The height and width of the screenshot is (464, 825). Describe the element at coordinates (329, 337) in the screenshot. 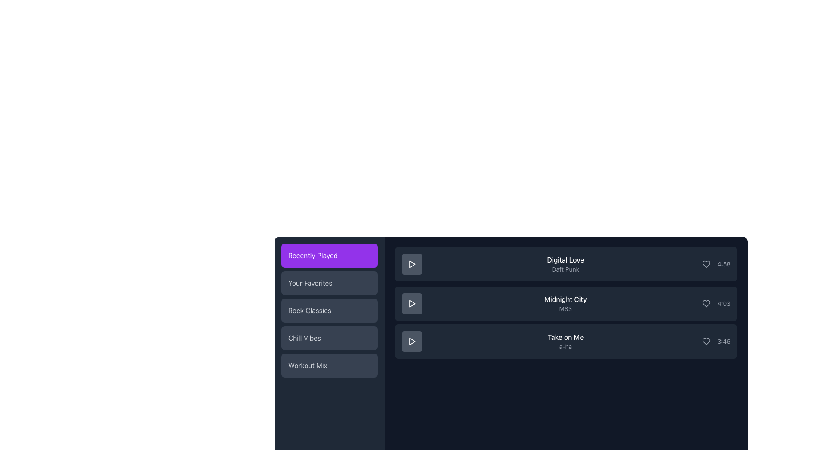

I see `the 'Chill Vibes' button, which is the fourth item in the vertical list of interactive buttons in the sidebar, located below 'Rock Classics' and above 'Workout Mix'` at that location.